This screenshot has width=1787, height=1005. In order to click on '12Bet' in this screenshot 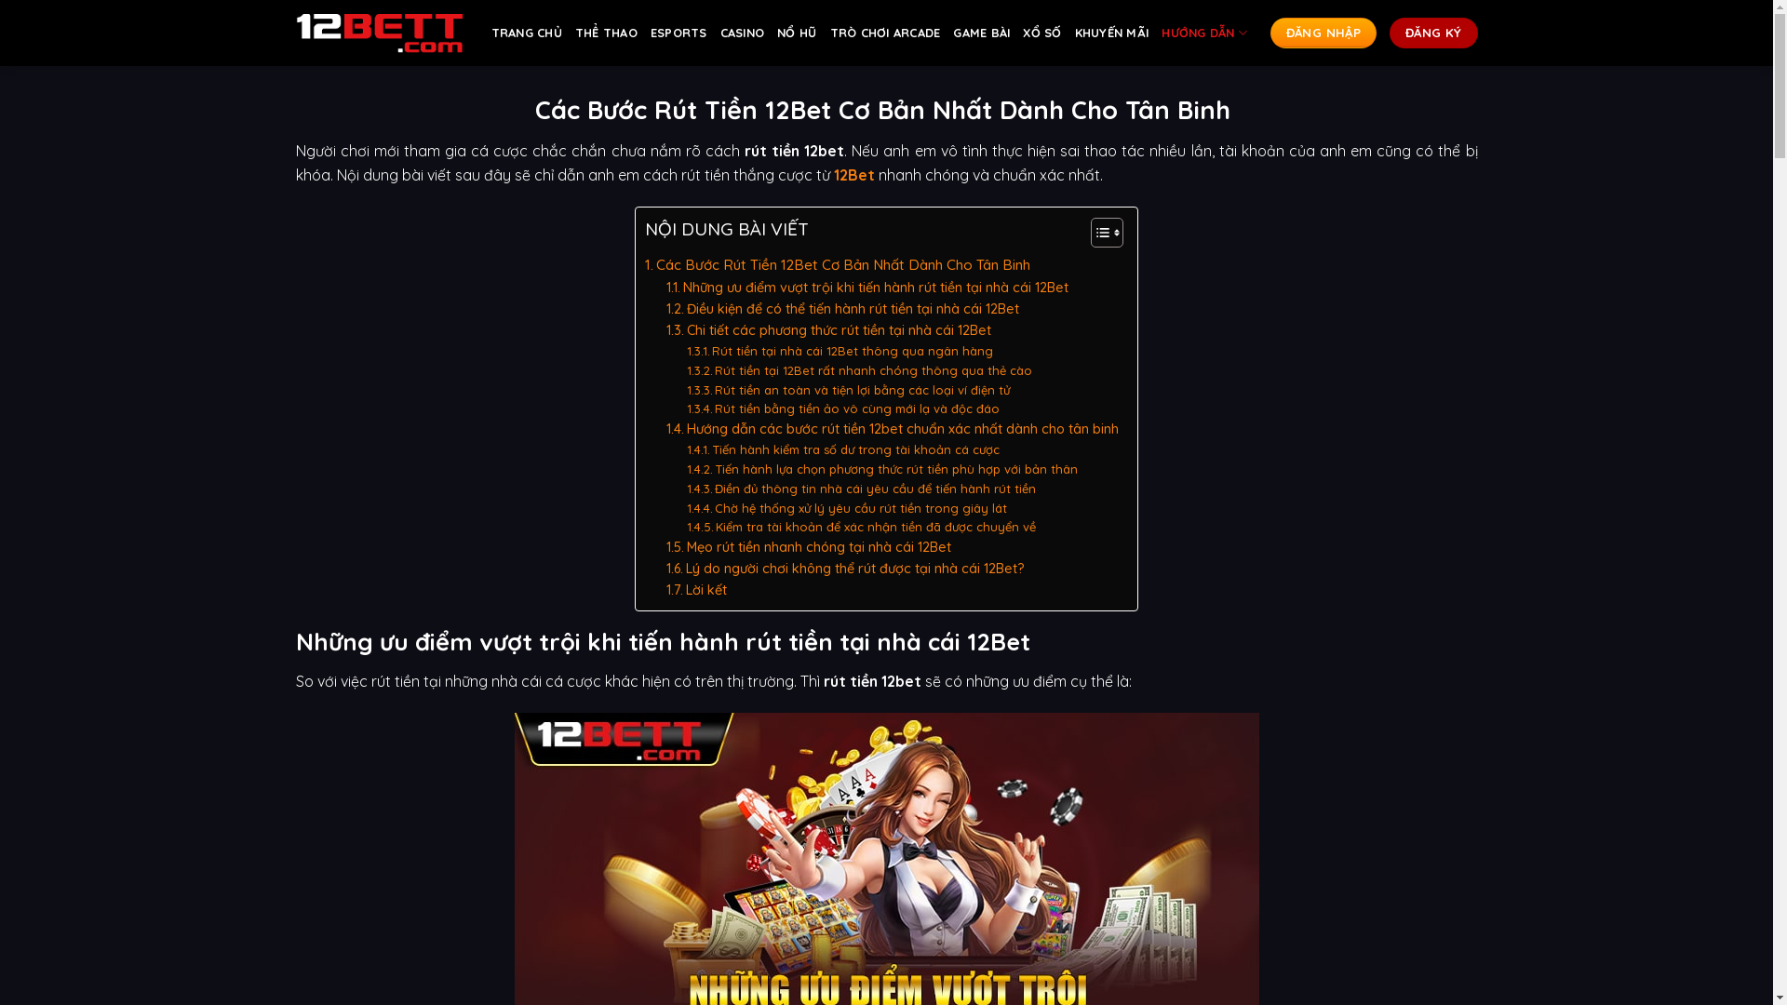, I will do `click(833, 175)`.